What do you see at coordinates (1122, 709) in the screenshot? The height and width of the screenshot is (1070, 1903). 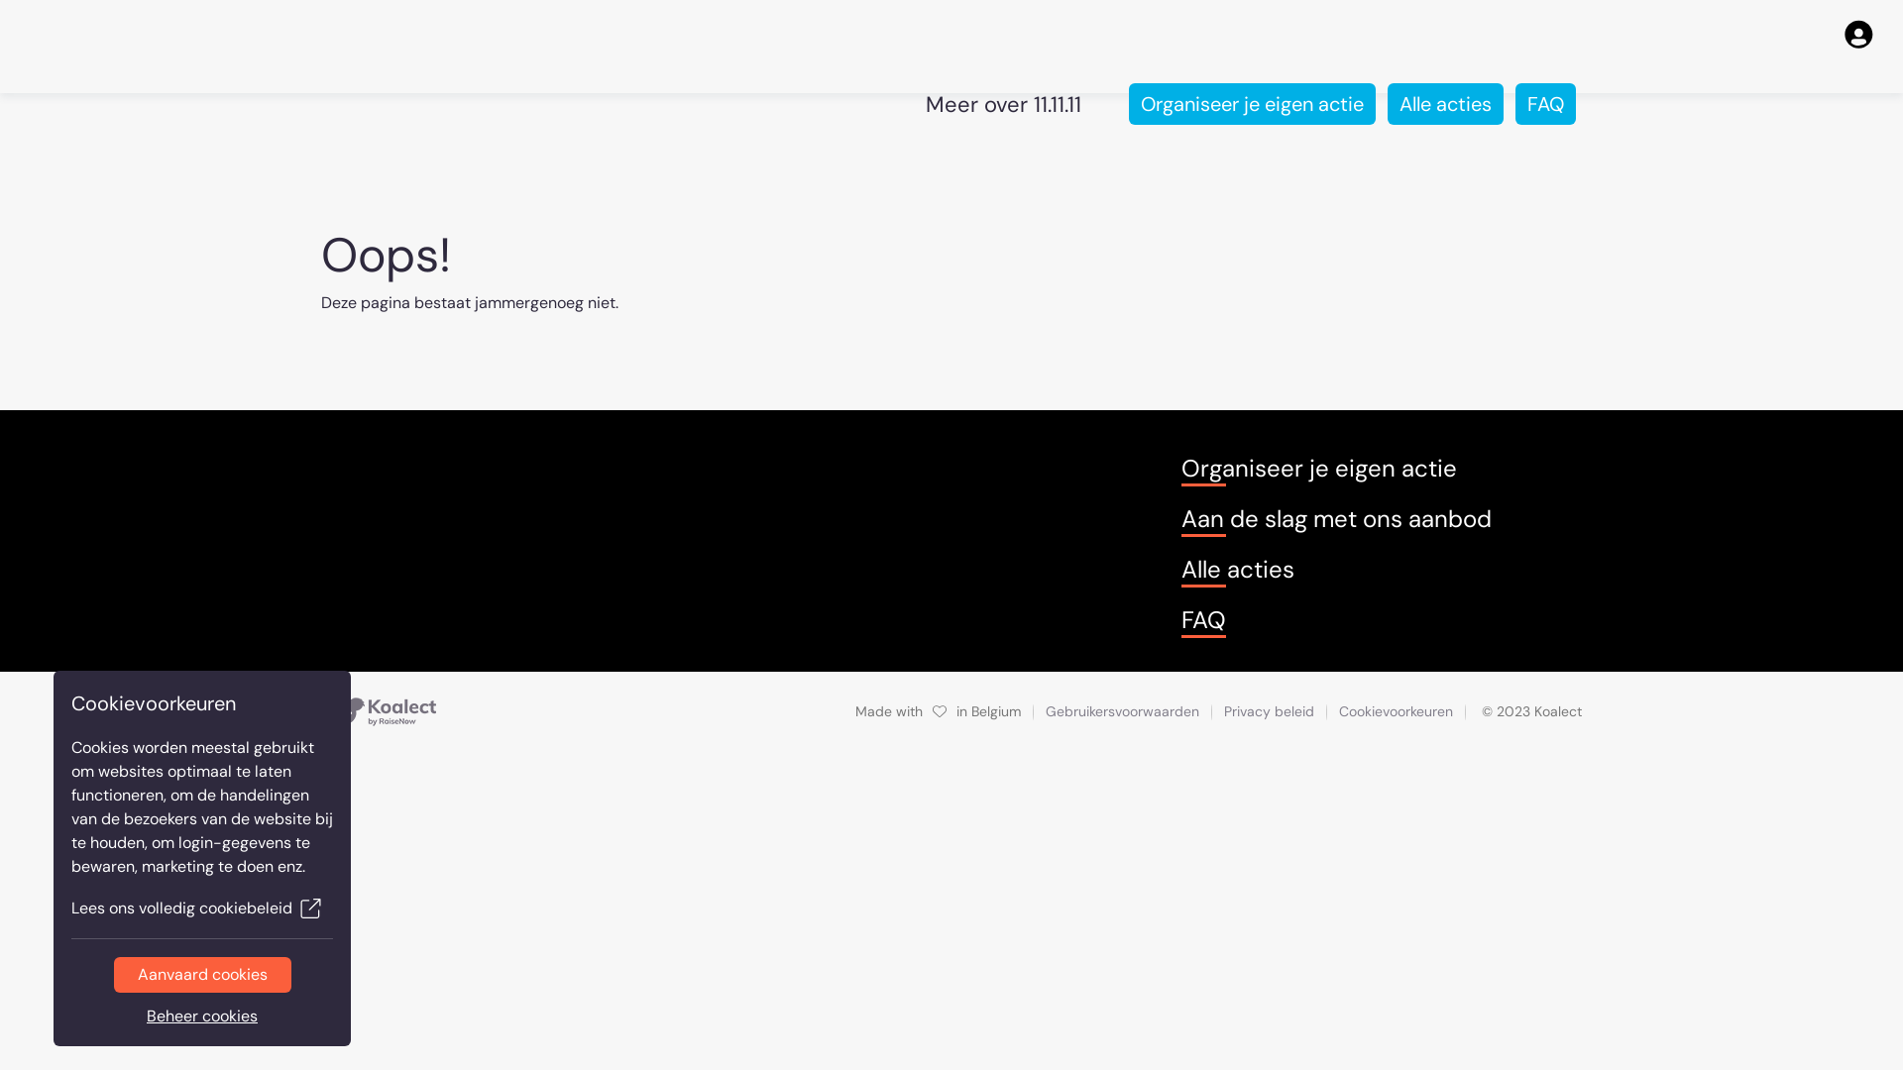 I see `'Gebruikersvoorwaarden'` at bounding box center [1122, 709].